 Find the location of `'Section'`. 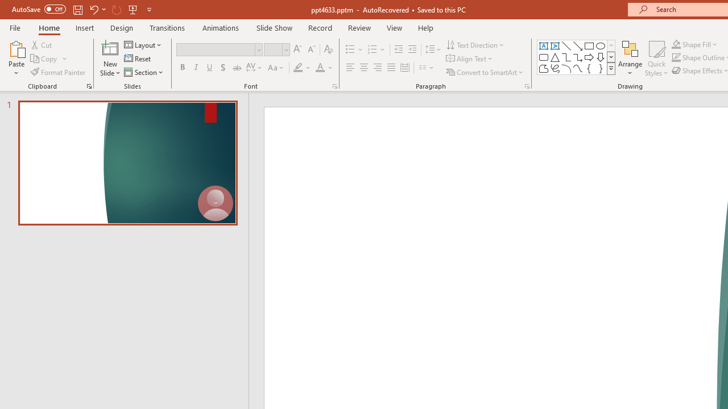

'Section' is located at coordinates (144, 72).